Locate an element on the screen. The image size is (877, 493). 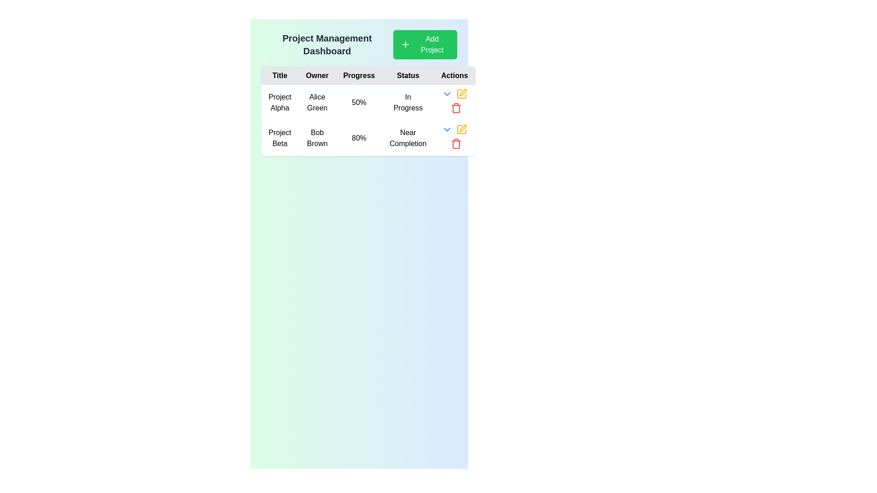
data displayed in the second row of the data table containing project-related information, including project name, owner, progress percentage, status, and action icons is located at coordinates (368, 138).